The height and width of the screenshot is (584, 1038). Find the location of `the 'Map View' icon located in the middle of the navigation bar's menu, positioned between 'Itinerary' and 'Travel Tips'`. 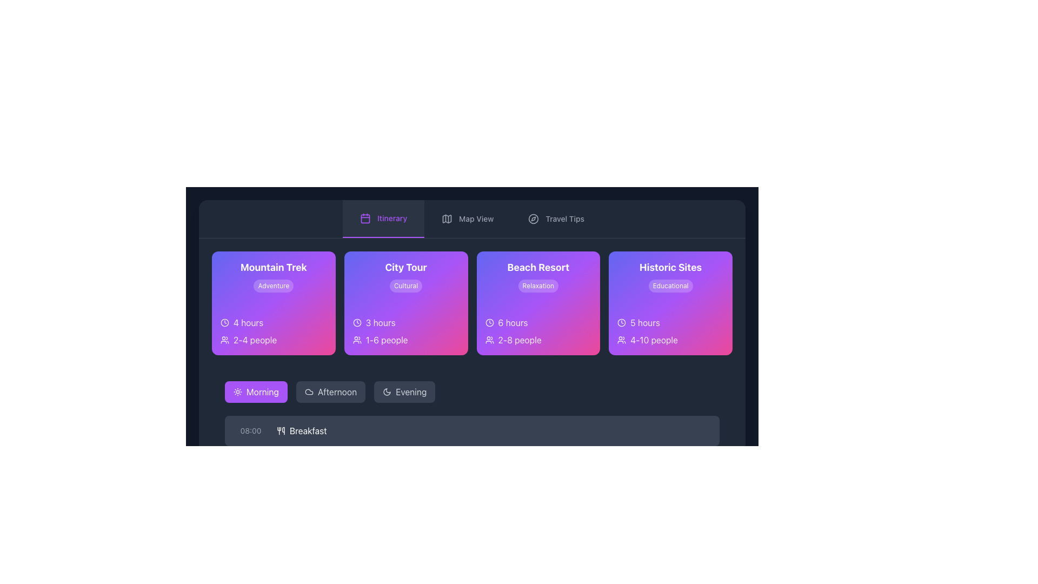

the 'Map View' icon located in the middle of the navigation bar's menu, positioned between 'Itinerary' and 'Travel Tips' is located at coordinates (447, 219).